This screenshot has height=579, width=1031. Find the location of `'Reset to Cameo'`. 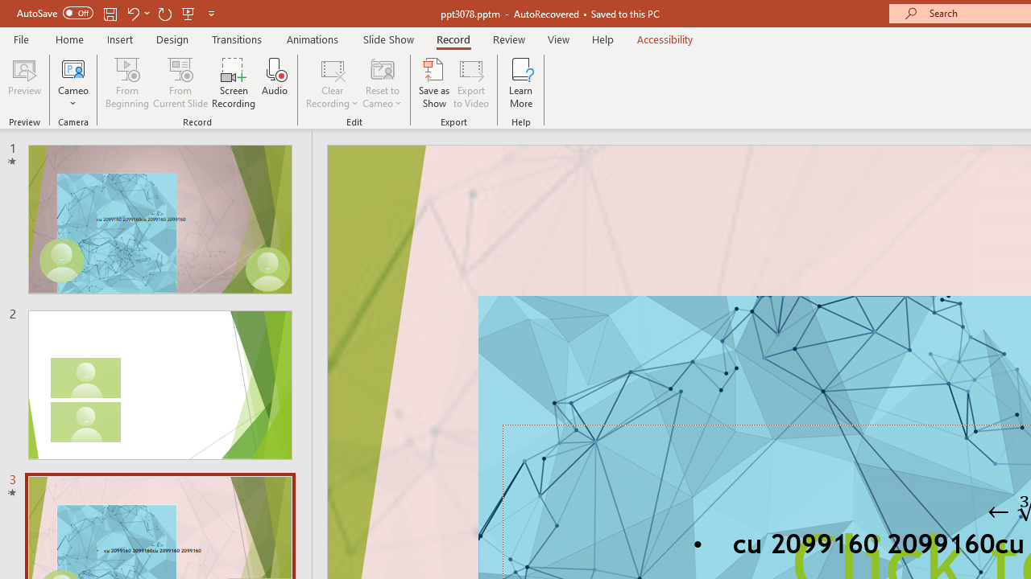

'Reset to Cameo' is located at coordinates (381, 83).